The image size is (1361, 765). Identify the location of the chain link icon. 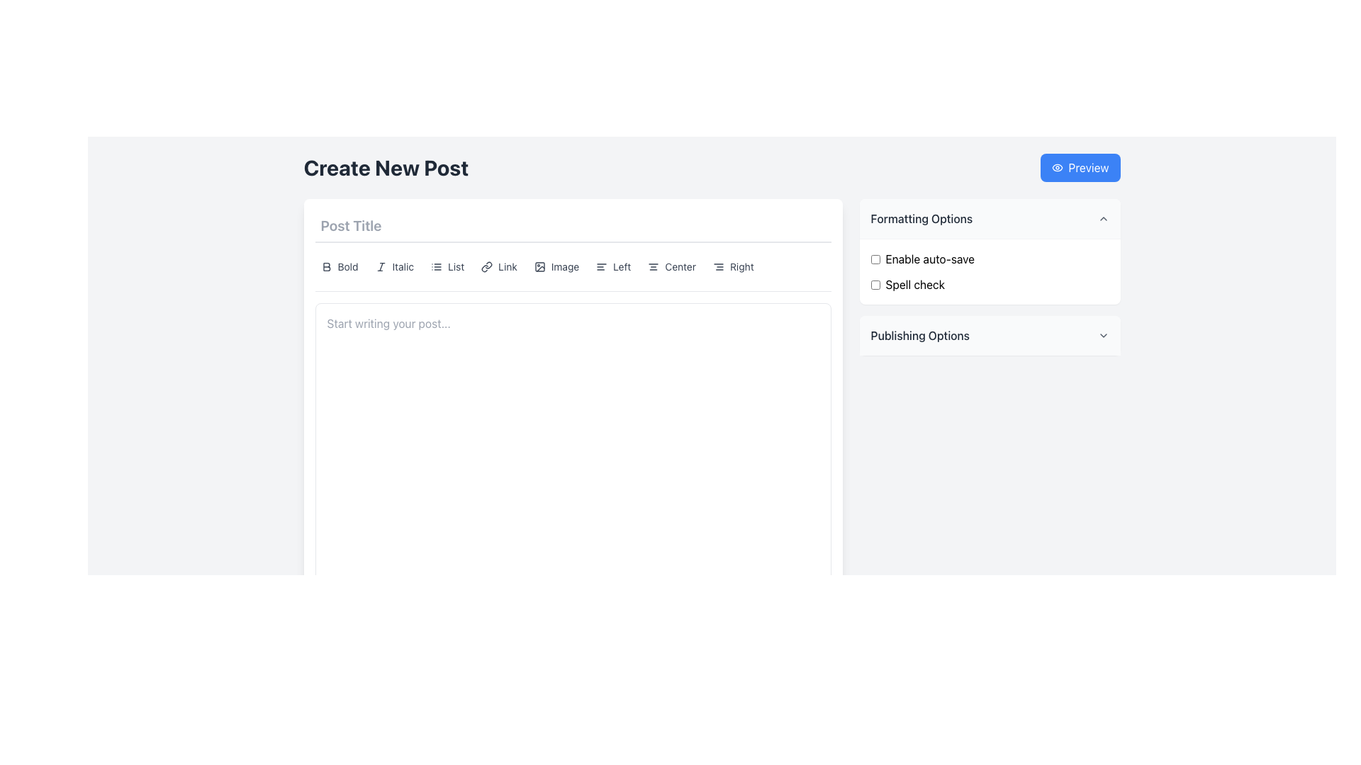
(486, 267).